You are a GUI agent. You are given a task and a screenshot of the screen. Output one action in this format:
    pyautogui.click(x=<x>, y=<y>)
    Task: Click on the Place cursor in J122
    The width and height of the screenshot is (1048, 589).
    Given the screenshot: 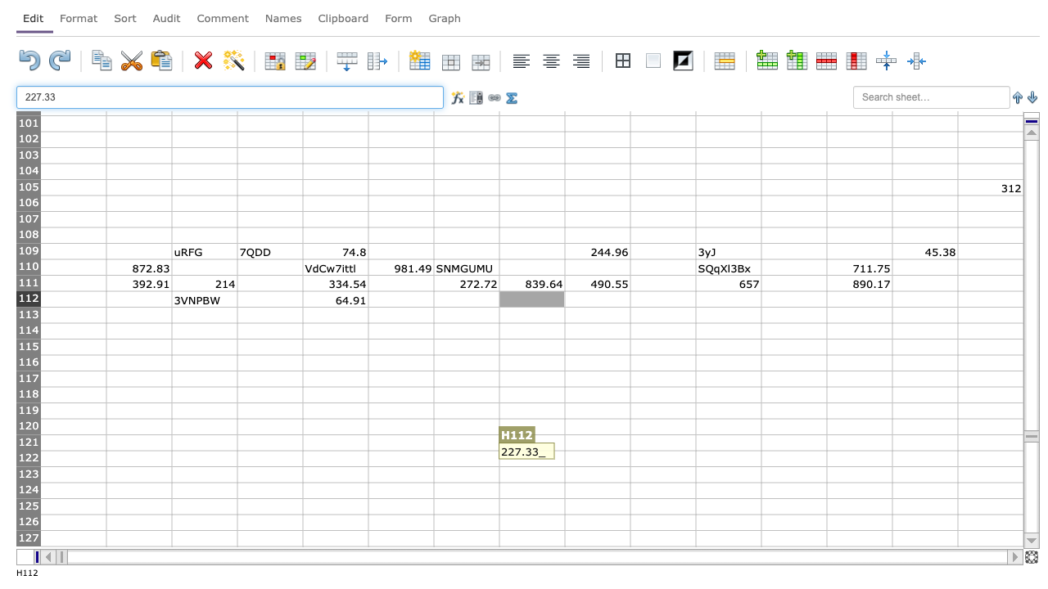 What is the action you would take?
    pyautogui.click(x=662, y=458)
    